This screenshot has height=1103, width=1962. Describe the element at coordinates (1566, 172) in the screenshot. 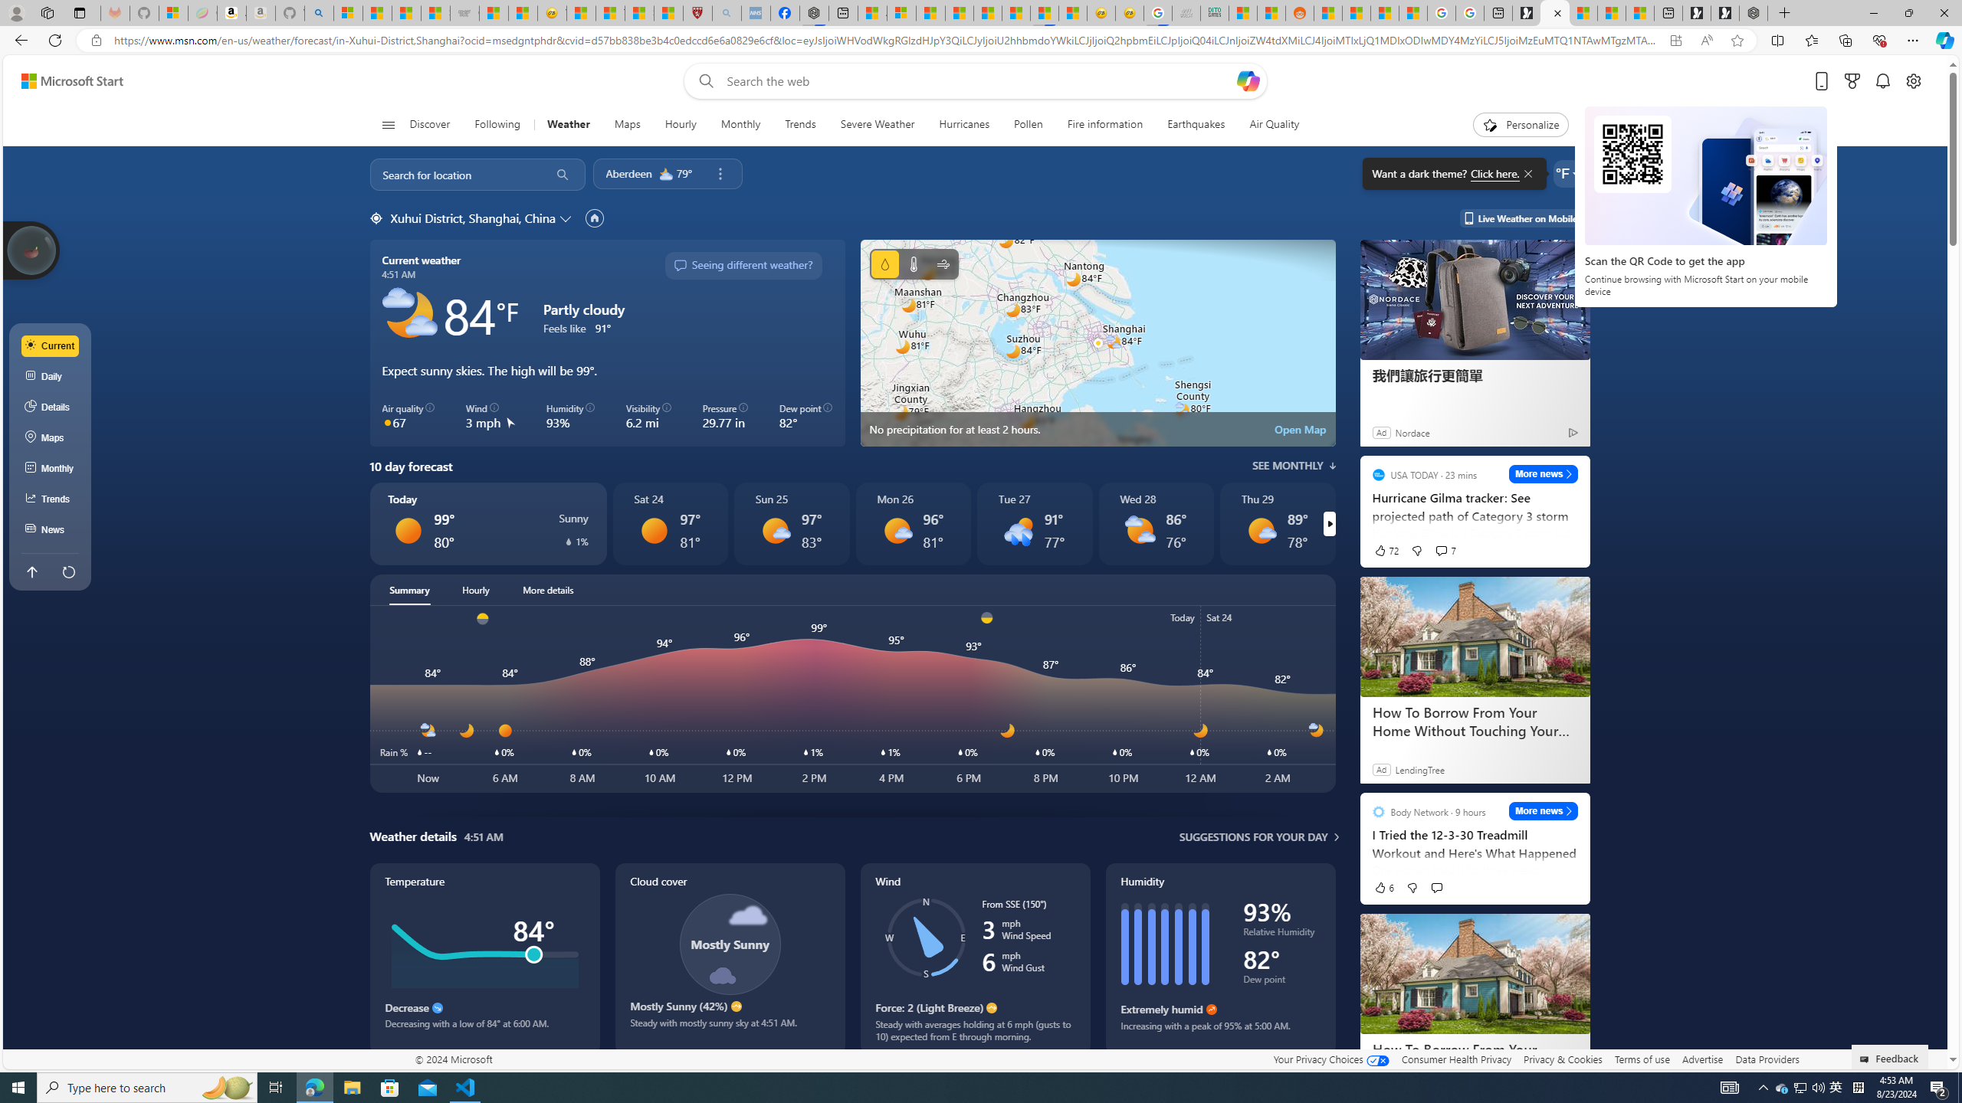

I see `'Weather settings Want a dark theme?Click here.'` at that location.